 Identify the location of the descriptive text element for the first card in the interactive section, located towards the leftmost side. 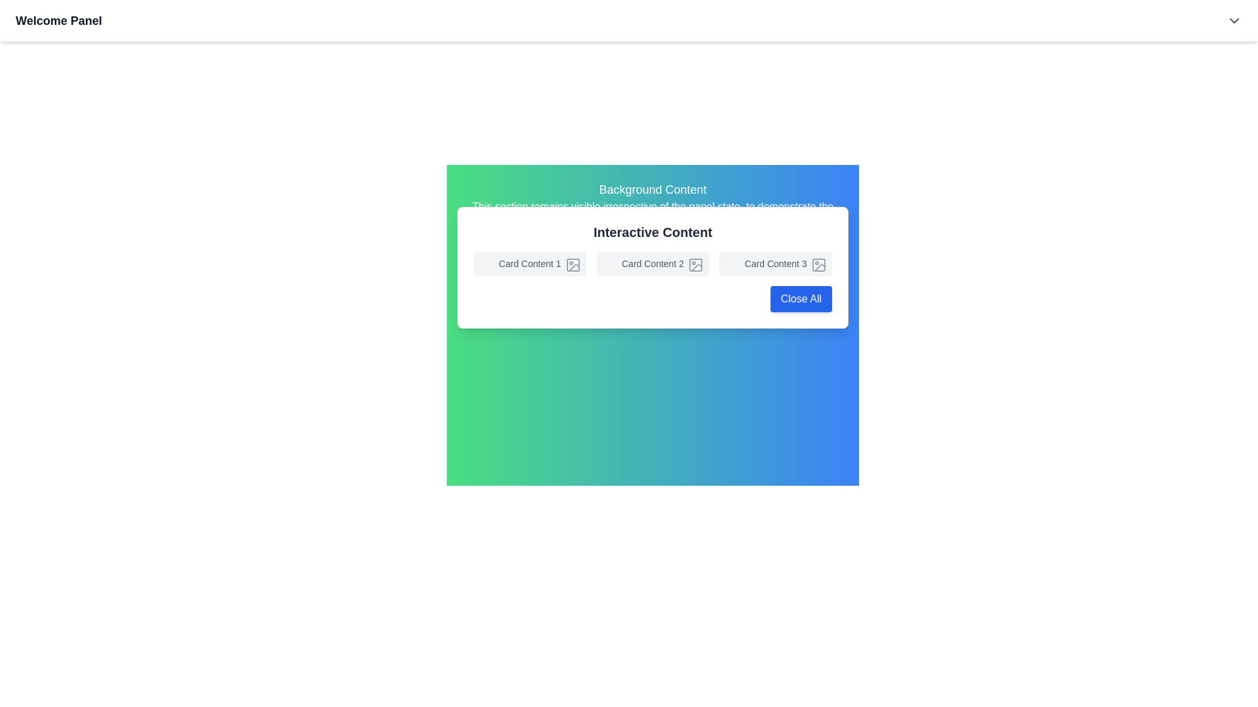
(529, 263).